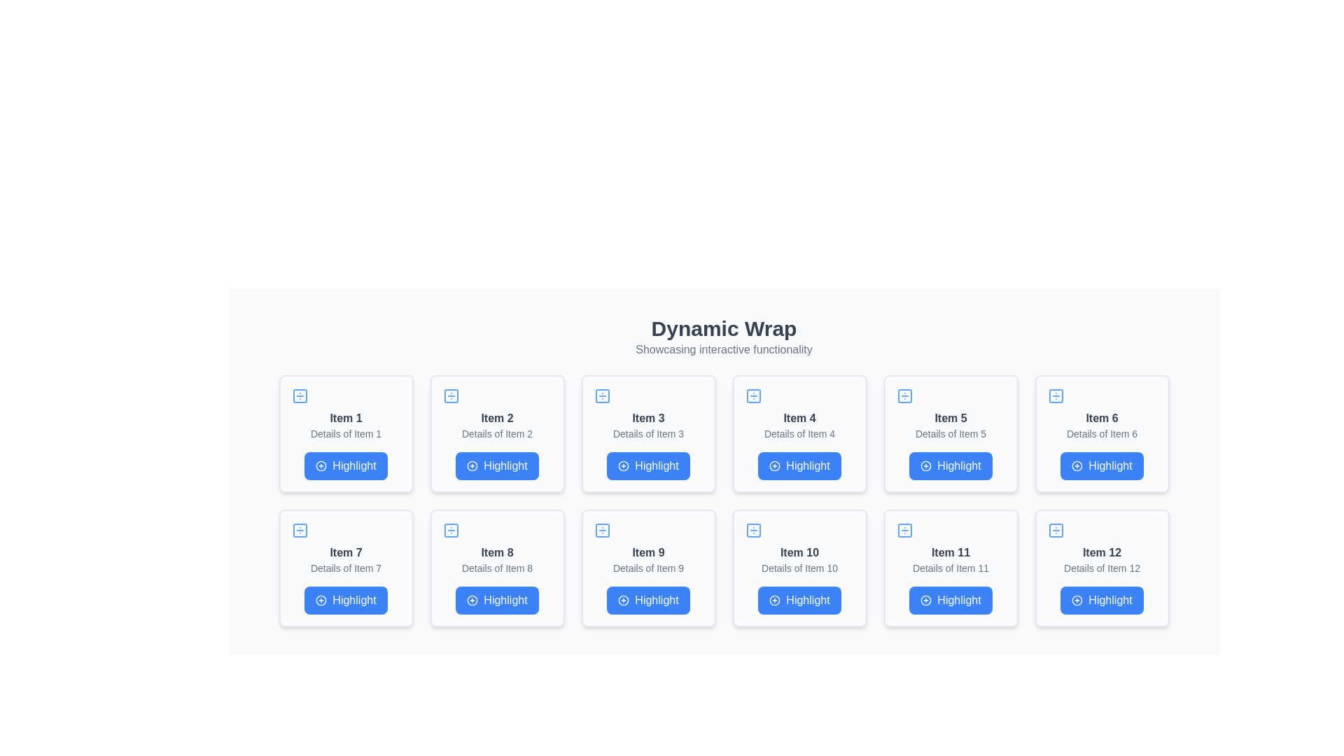 The width and height of the screenshot is (1344, 756). What do you see at coordinates (1056, 396) in the screenshot?
I see `the decorative visual component of the SVG icon located in the top-right corner of the card labeled 'Item 6'` at bounding box center [1056, 396].